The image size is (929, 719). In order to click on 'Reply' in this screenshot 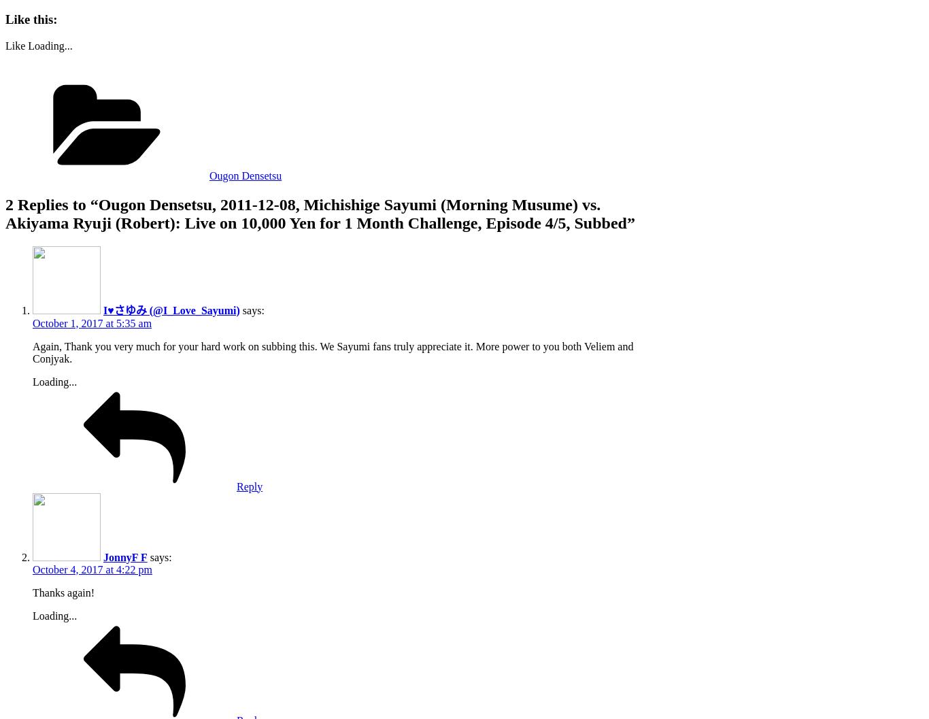, I will do `click(249, 485)`.